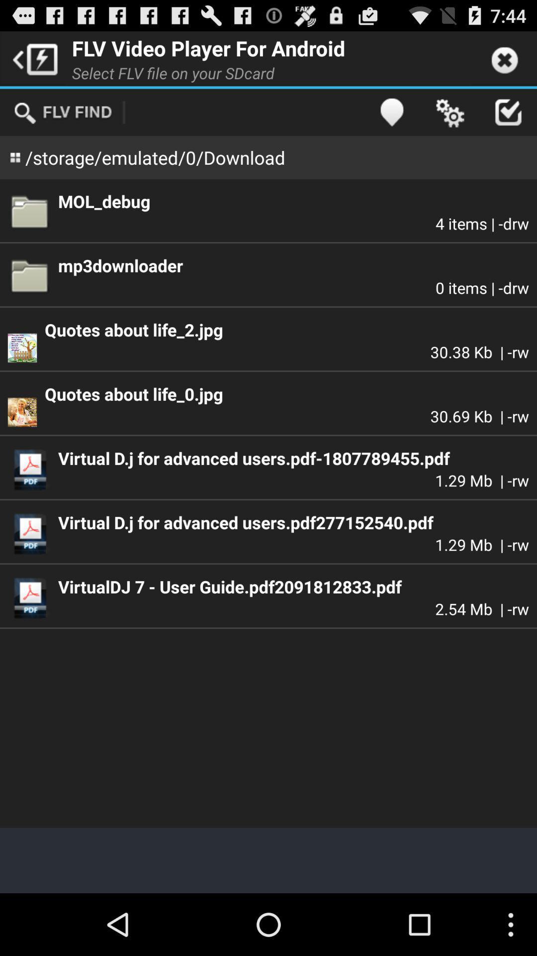 This screenshot has height=956, width=537. I want to click on item to the left of flv video player icon, so click(32, 58).